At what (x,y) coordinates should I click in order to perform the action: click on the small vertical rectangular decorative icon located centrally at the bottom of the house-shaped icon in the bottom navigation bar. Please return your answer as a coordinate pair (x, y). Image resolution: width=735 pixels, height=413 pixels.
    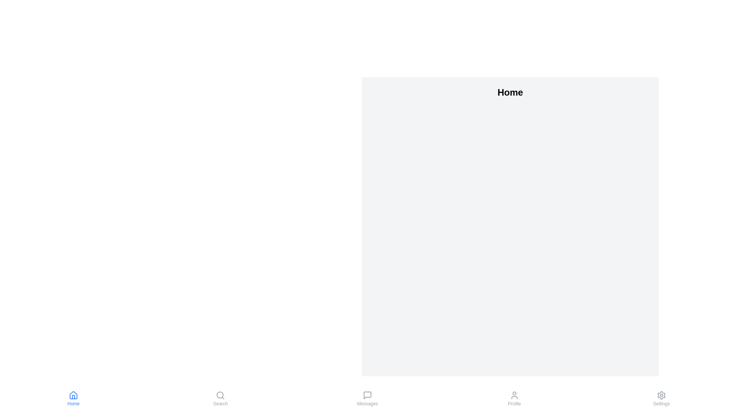
    Looking at the image, I should click on (73, 396).